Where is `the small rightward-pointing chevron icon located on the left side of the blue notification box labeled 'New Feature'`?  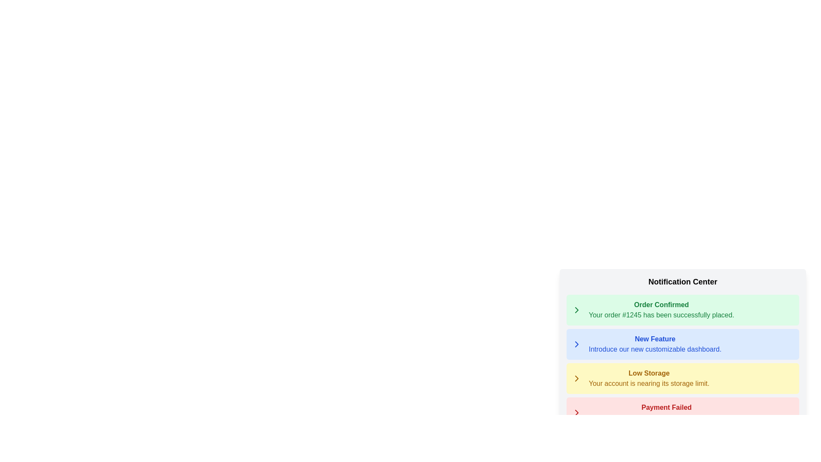
the small rightward-pointing chevron icon located on the left side of the blue notification box labeled 'New Feature' is located at coordinates (576, 344).